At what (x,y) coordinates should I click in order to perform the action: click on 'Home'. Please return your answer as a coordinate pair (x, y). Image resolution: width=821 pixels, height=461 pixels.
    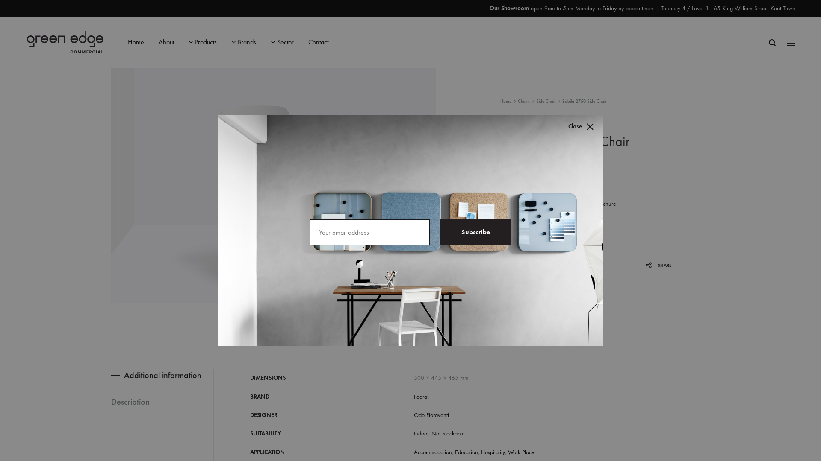
    Looking at the image, I should click on (500, 101).